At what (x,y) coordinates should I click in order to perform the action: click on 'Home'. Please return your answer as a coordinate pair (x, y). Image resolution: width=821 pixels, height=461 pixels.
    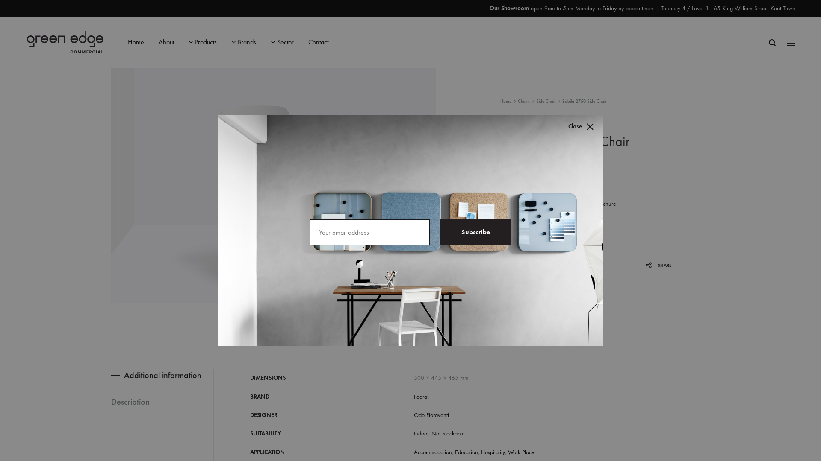
    Looking at the image, I should click on (500, 101).